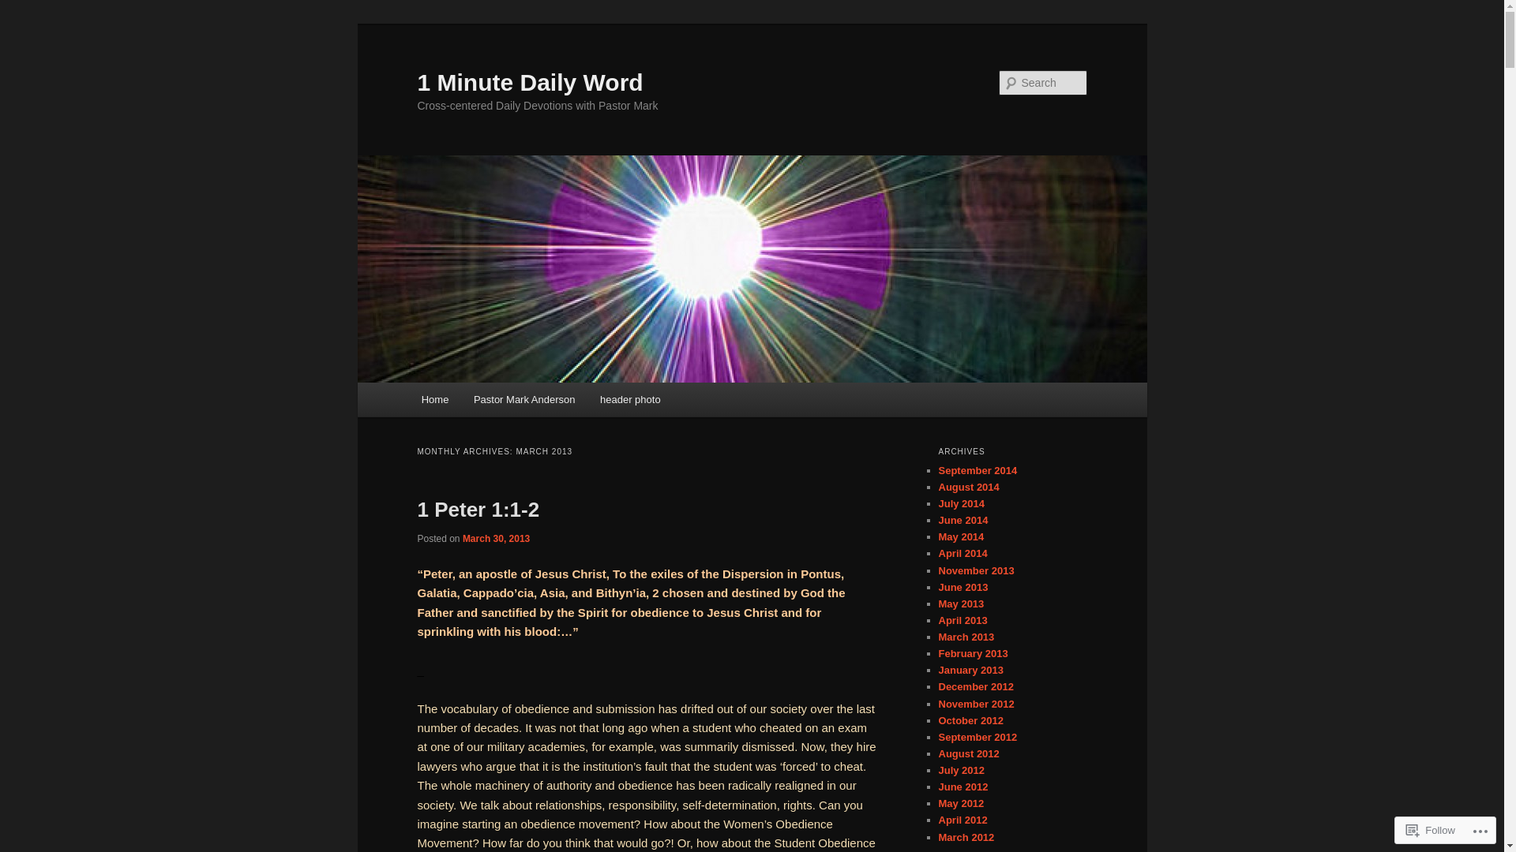  Describe the element at coordinates (975, 703) in the screenshot. I see `'November 2012'` at that location.